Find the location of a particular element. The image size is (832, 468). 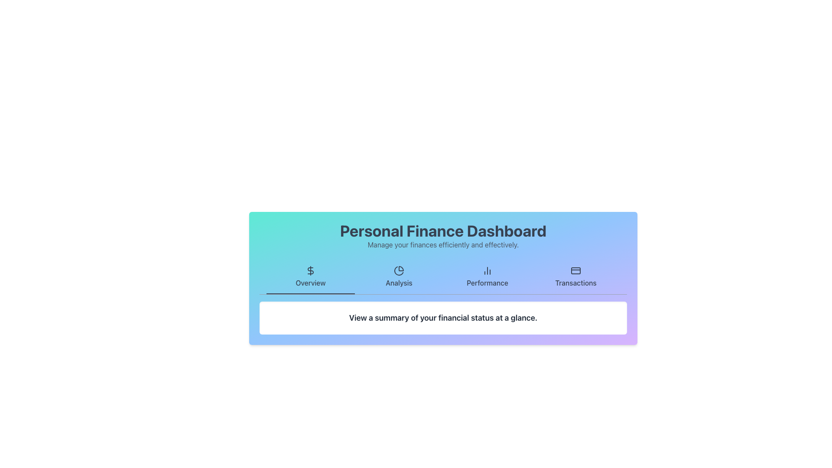

the pie chart slice icon located in the 'Analysis' section of the Personal Finance Dashboard, specifically in the second icon slot from the left is located at coordinates (398, 270).